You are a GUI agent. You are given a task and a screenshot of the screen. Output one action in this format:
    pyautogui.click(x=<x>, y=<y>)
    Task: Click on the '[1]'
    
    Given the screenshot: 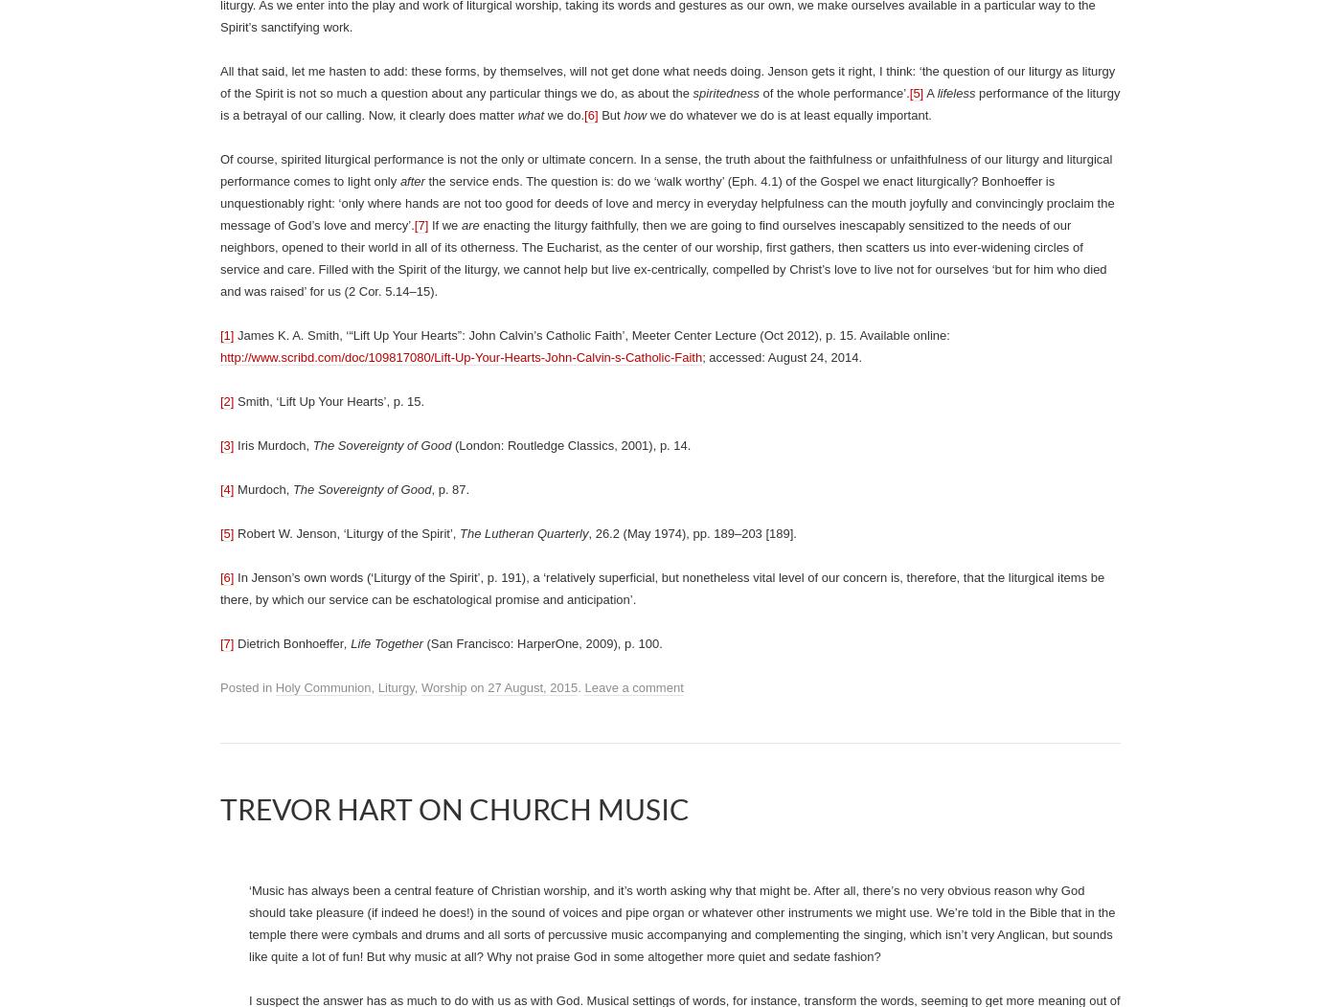 What is the action you would take?
    pyautogui.click(x=220, y=334)
    